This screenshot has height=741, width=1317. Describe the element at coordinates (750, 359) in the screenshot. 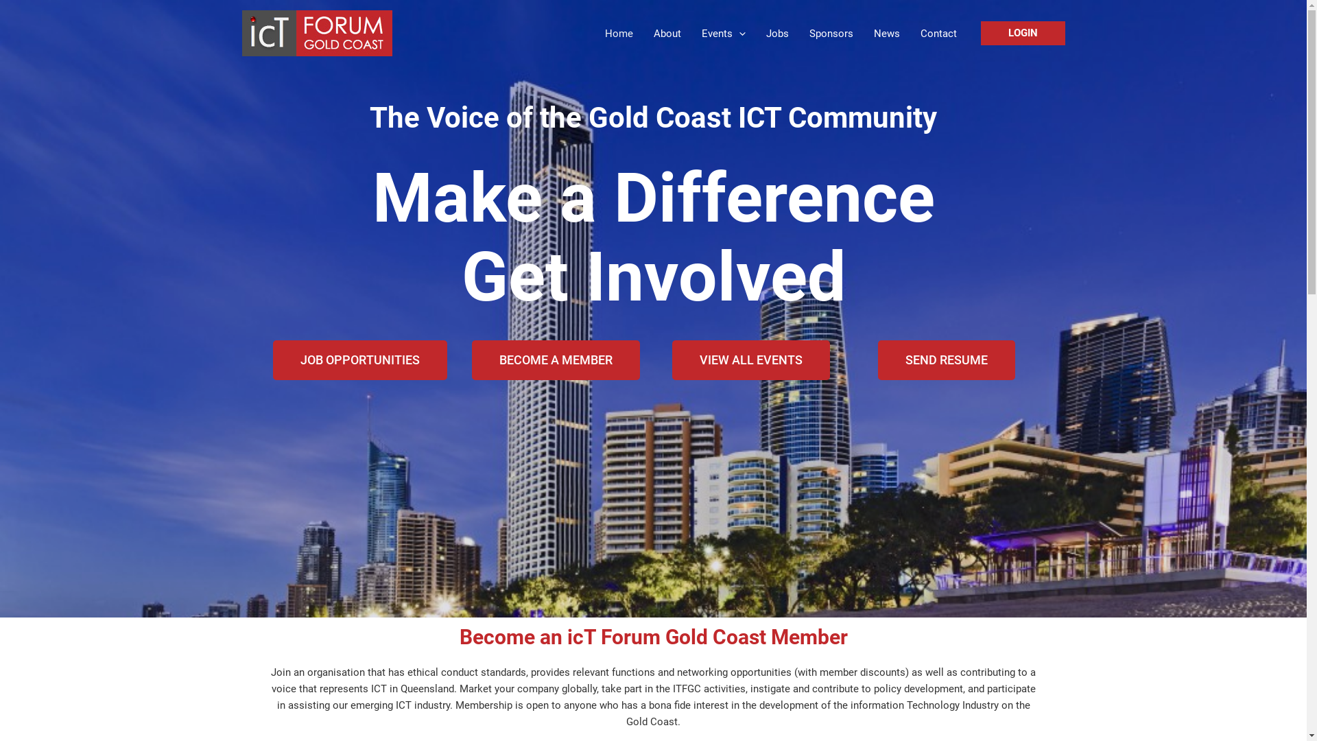

I see `'VIEW ALL EVENTS'` at that location.